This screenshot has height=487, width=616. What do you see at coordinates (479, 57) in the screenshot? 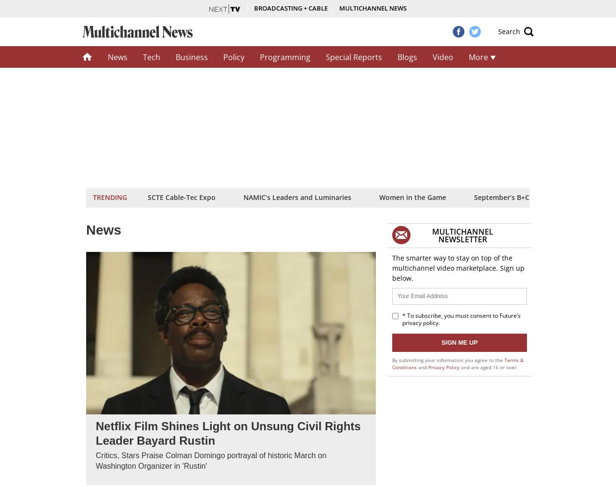
I see `'More'` at bounding box center [479, 57].